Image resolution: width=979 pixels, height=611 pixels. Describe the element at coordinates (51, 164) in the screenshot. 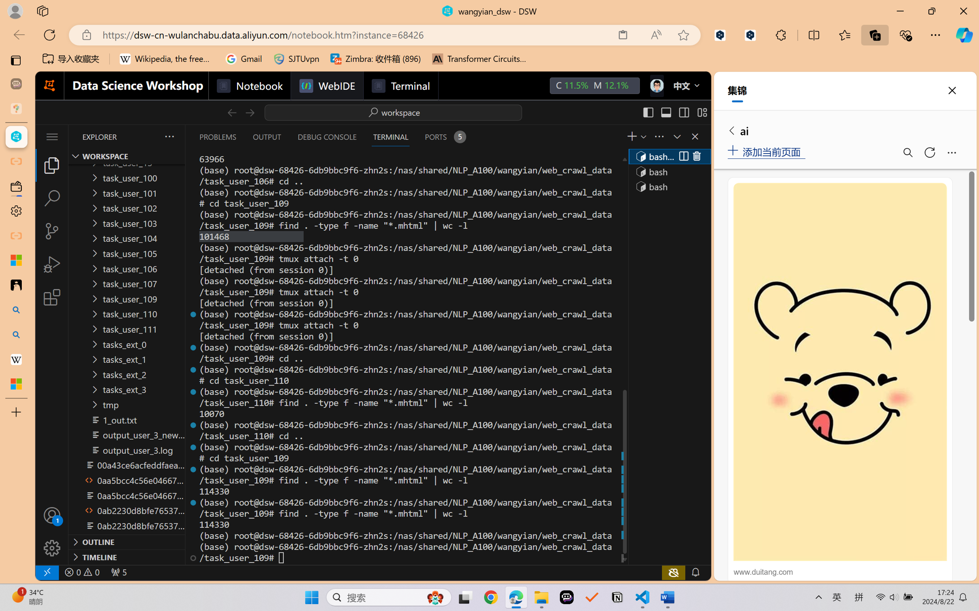

I see `'Explorer (Ctrl+Shift+E)'` at that location.